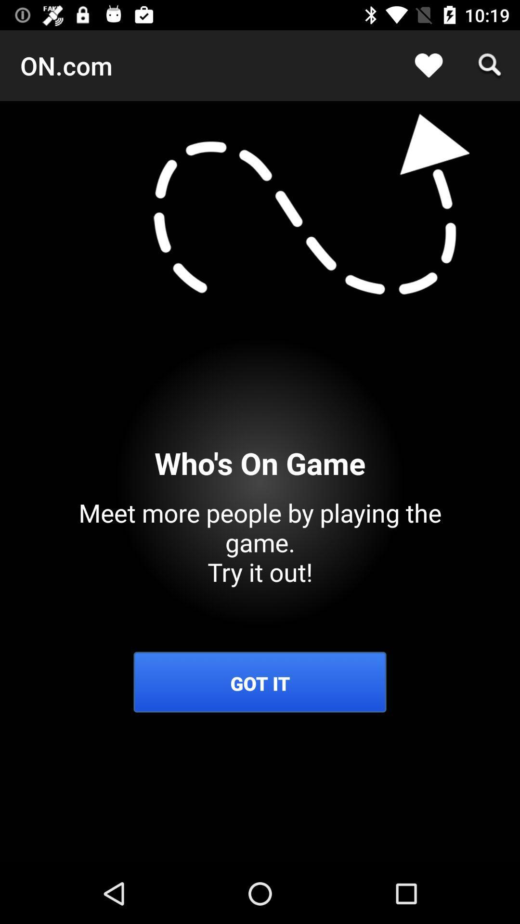 The height and width of the screenshot is (924, 520). What do you see at coordinates (260, 683) in the screenshot?
I see `the got it icon` at bounding box center [260, 683].